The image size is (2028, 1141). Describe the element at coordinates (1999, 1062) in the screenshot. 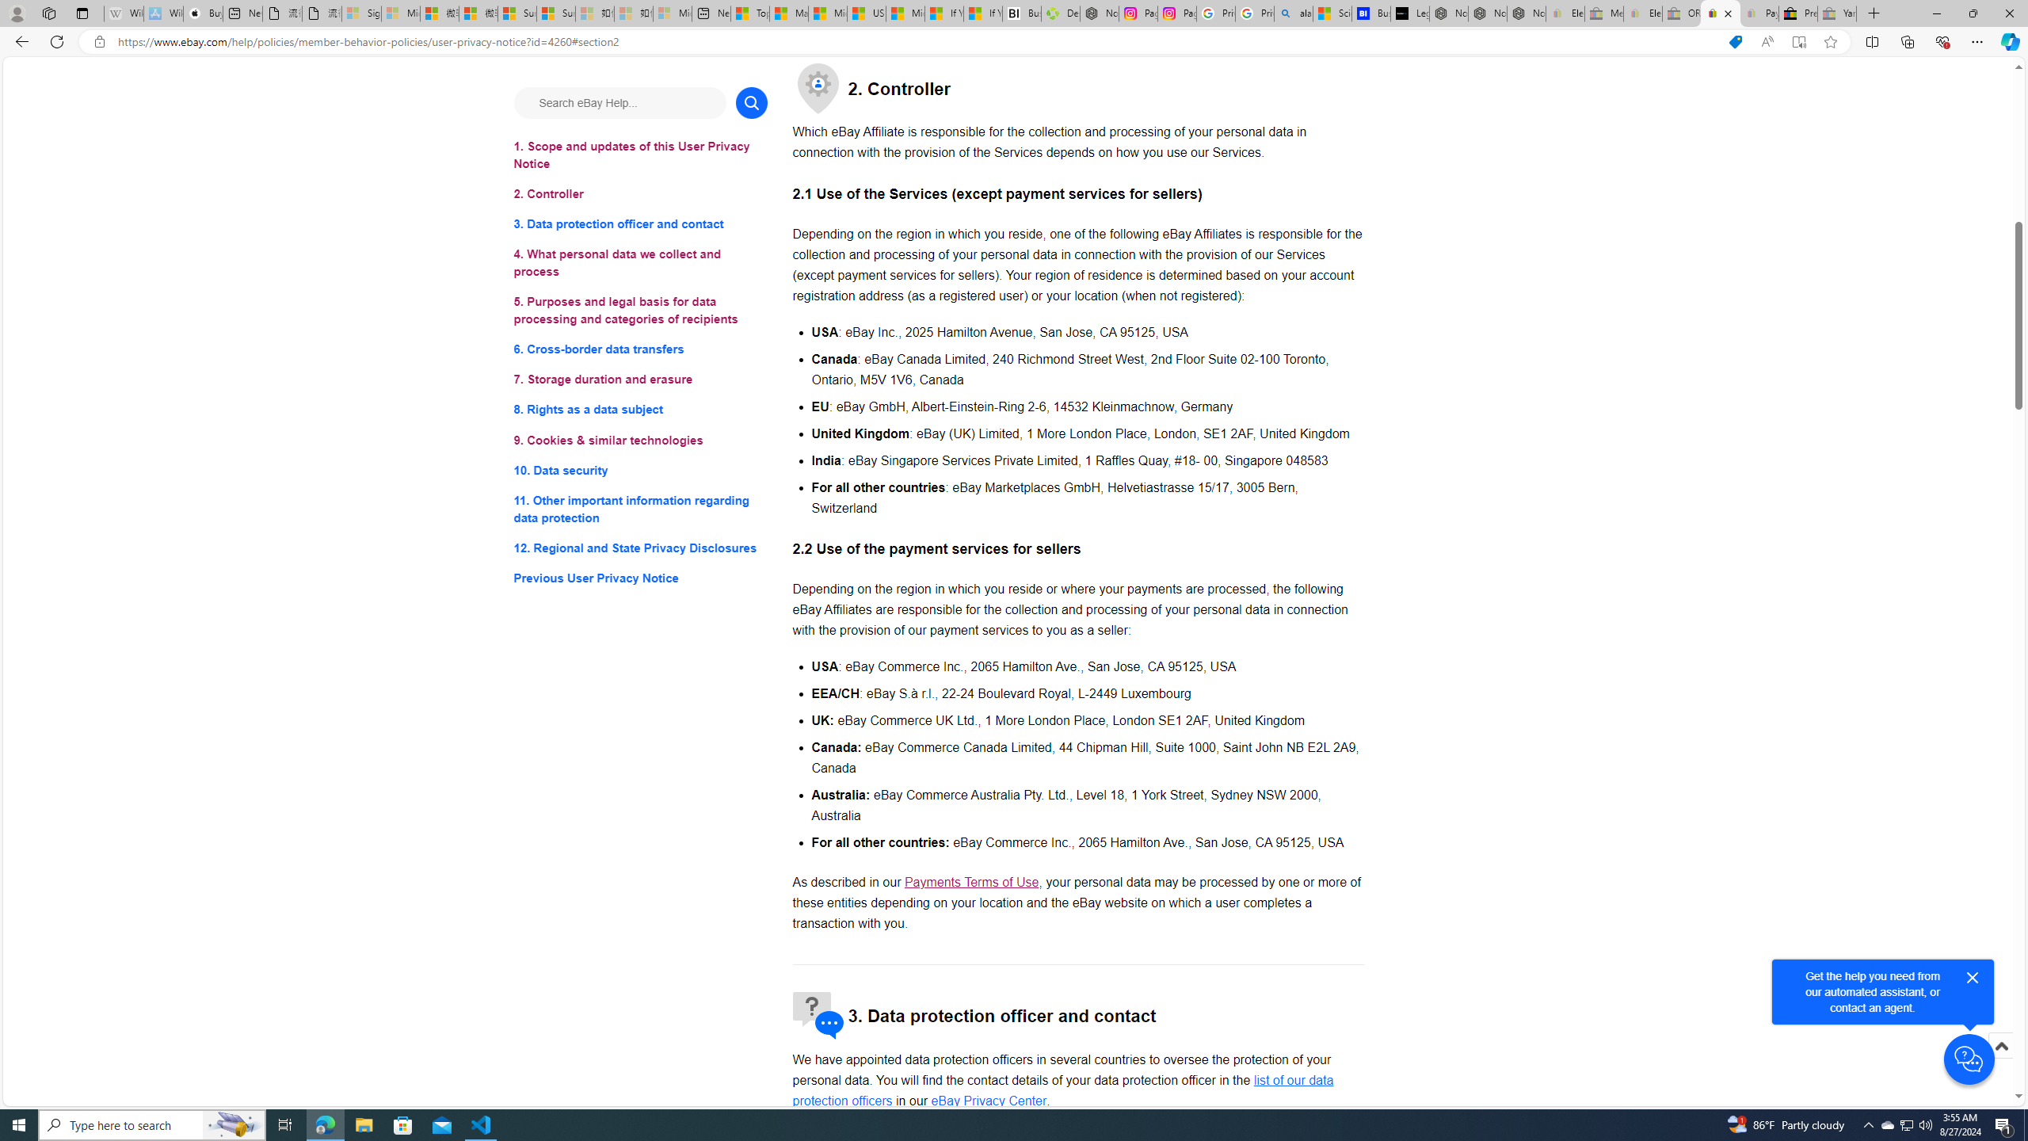

I see `'Scroll to top'` at that location.